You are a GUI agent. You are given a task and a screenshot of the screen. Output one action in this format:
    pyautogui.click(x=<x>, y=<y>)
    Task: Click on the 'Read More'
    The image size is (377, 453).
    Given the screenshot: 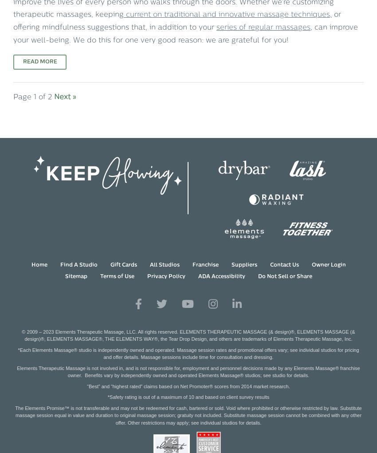 What is the action you would take?
    pyautogui.click(x=39, y=61)
    